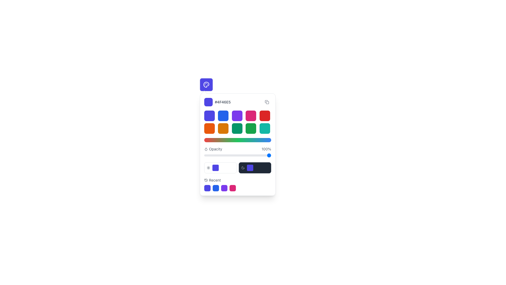 The width and height of the screenshot is (506, 285). I want to click on the opacity slider, so click(258, 155).